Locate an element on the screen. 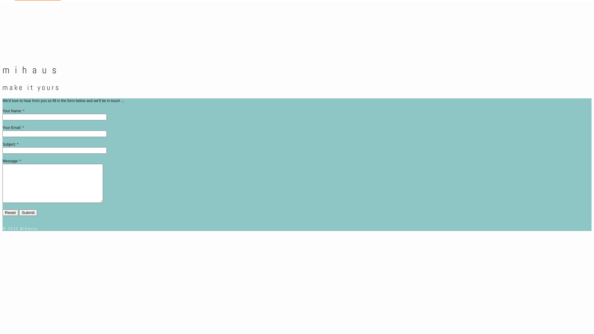 The height and width of the screenshot is (334, 594). 'Submit' is located at coordinates (28, 212).